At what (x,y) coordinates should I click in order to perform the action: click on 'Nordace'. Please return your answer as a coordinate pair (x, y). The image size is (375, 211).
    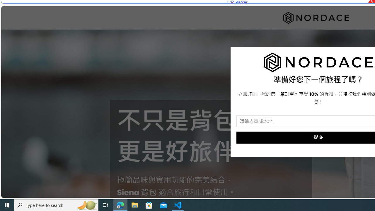
    Looking at the image, I should click on (316, 17).